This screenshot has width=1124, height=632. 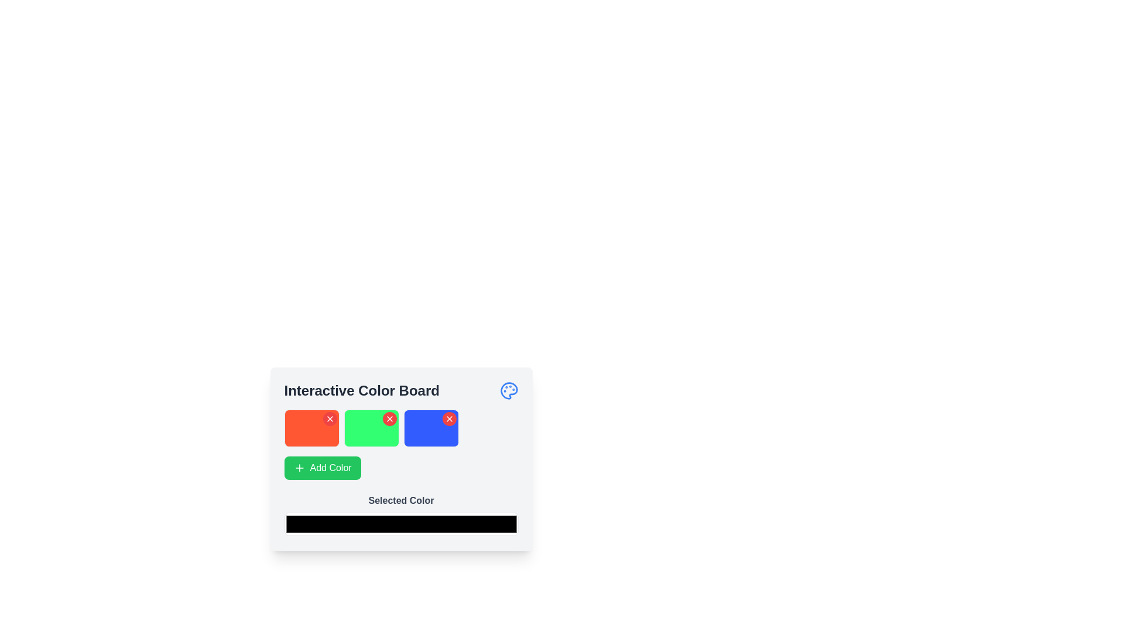 I want to click on the bold gray text label displaying 'Selected Color', which is positioned above the color input field in a form-like section, so click(x=401, y=500).